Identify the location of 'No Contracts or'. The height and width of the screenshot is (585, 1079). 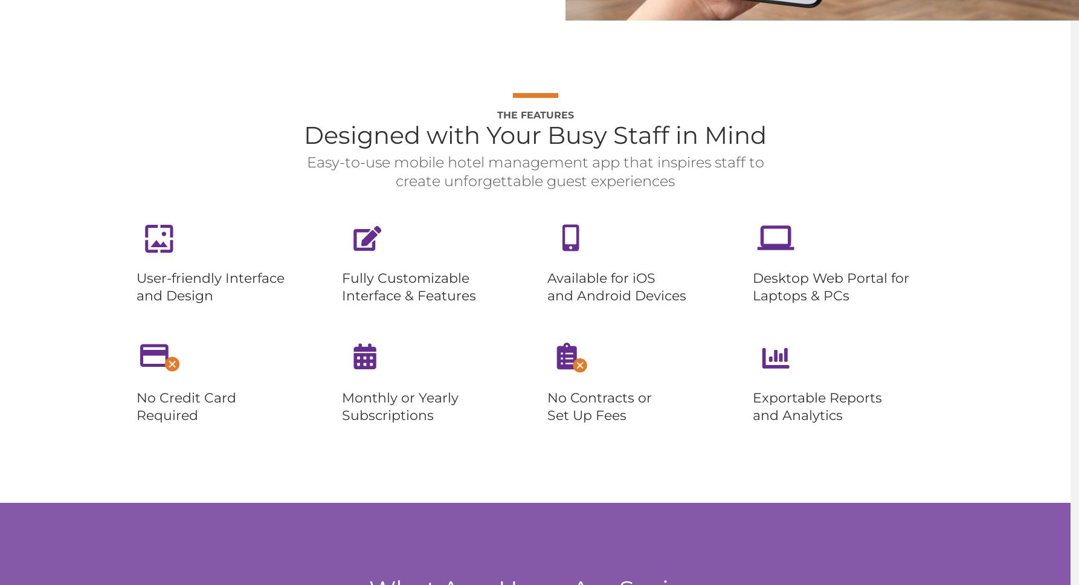
(599, 398).